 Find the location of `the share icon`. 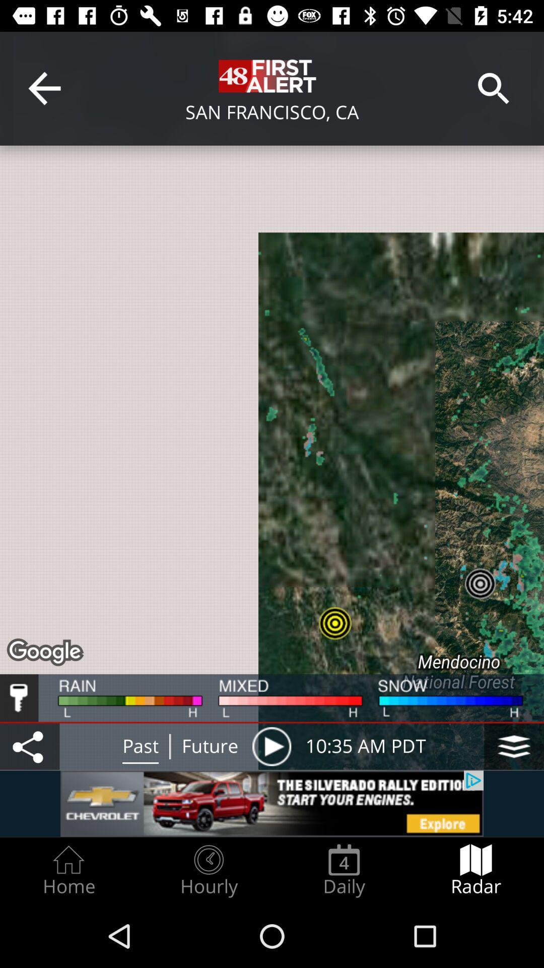

the share icon is located at coordinates (29, 746).